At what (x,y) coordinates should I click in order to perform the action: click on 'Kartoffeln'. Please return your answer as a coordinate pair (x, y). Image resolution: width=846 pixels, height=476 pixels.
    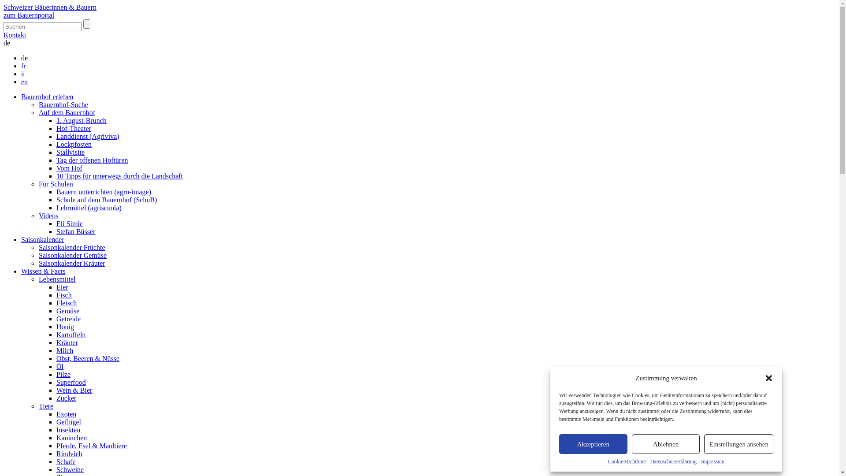
    Looking at the image, I should click on (71, 335).